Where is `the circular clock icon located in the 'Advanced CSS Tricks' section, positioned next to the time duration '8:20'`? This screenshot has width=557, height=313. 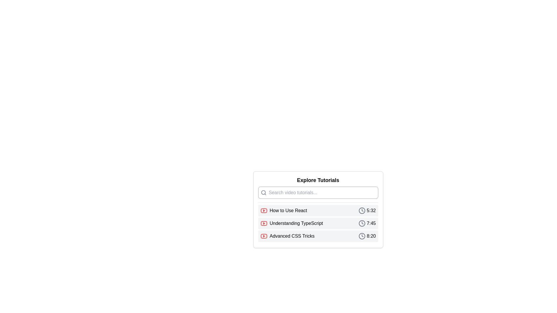
the circular clock icon located in the 'Advanced CSS Tricks' section, positioned next to the time duration '8:20' is located at coordinates (362, 236).